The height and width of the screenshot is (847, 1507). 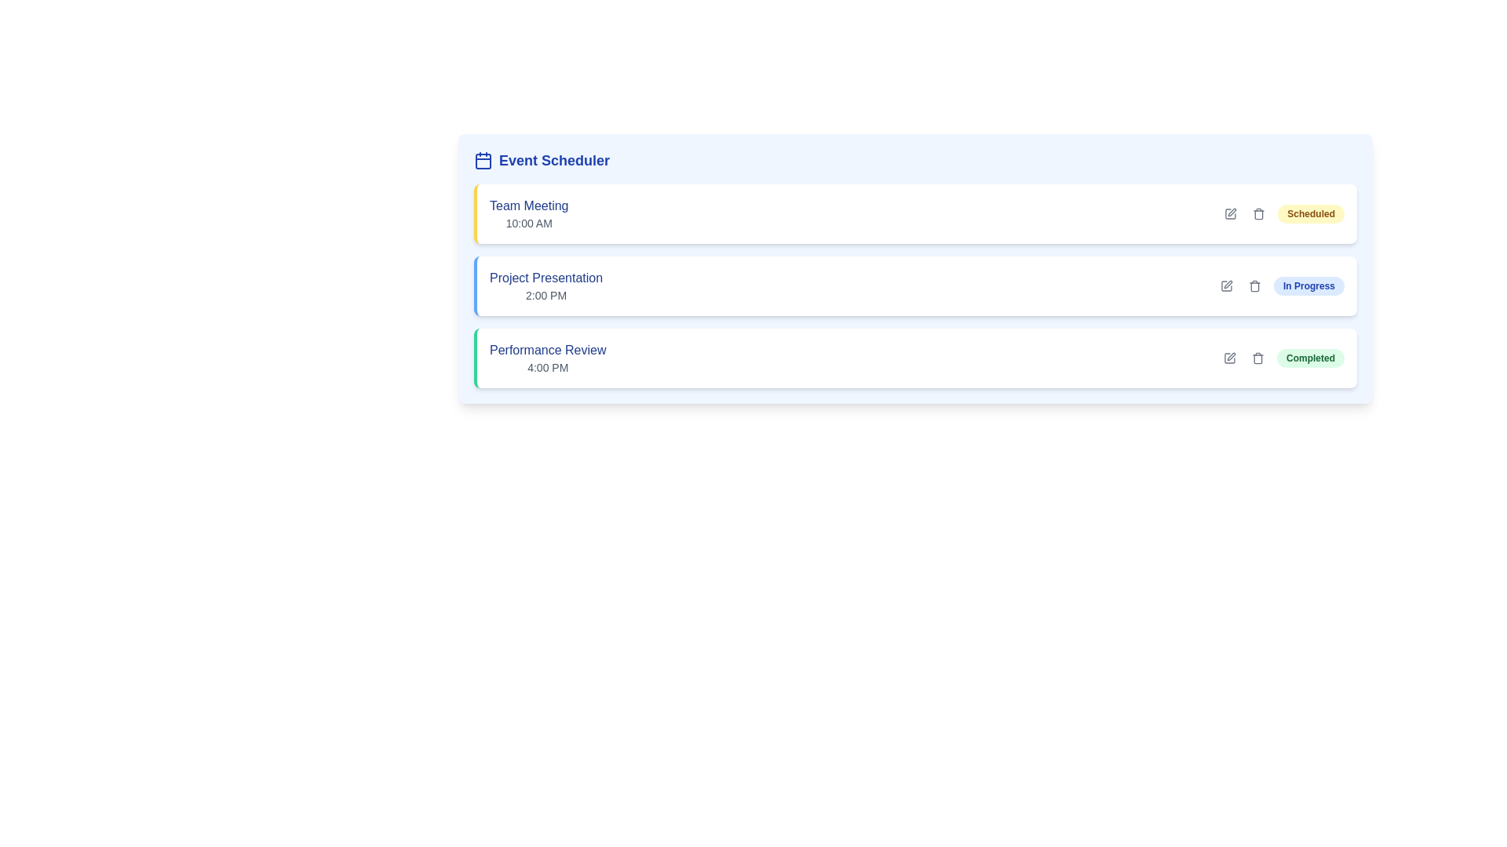 What do you see at coordinates (482, 161) in the screenshot?
I see `the decorative rectangular graphic element within the calendar icon, which is located to the left of the 'Event Scheduler' title text` at bounding box center [482, 161].